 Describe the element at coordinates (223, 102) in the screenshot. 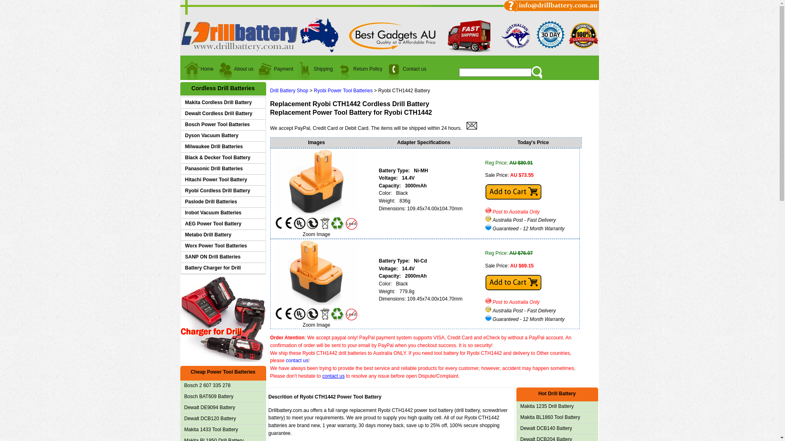

I see `'Makita Cordless Drill Battery'` at that location.